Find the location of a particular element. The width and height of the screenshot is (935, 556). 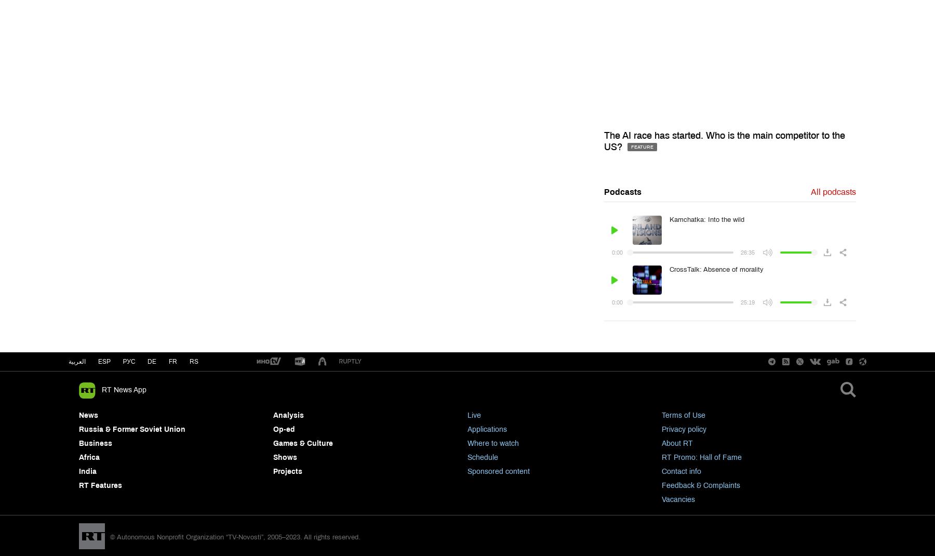

'de' is located at coordinates (151, 362).